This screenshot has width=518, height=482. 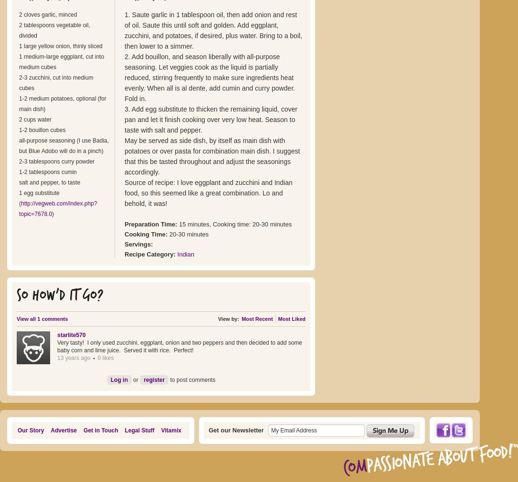 What do you see at coordinates (185, 254) in the screenshot?
I see `'Indian'` at bounding box center [185, 254].